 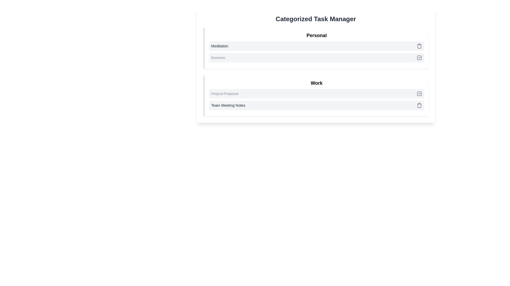 I want to click on the trash can icon button located at the far right end of the 'Meditation' task row under the 'Personal' category, so click(x=419, y=46).